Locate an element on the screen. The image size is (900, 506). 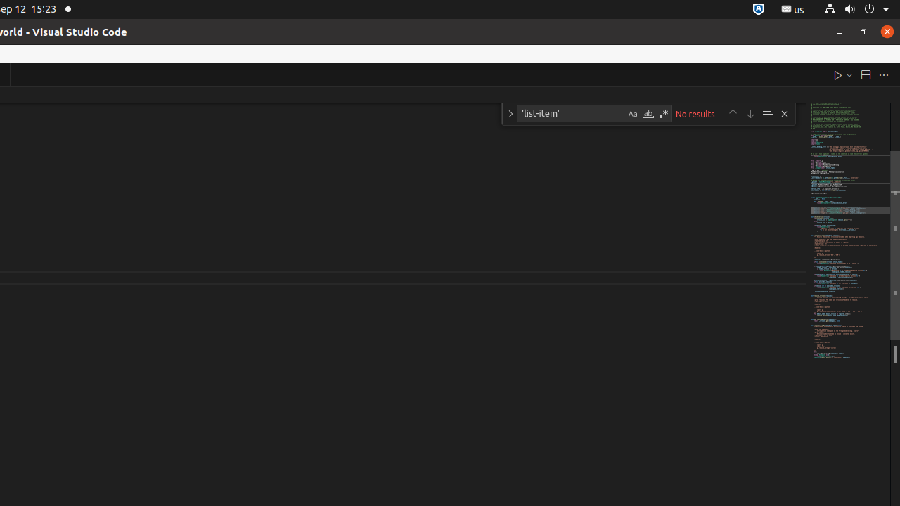
'Toggle Replace' is located at coordinates (510, 113).